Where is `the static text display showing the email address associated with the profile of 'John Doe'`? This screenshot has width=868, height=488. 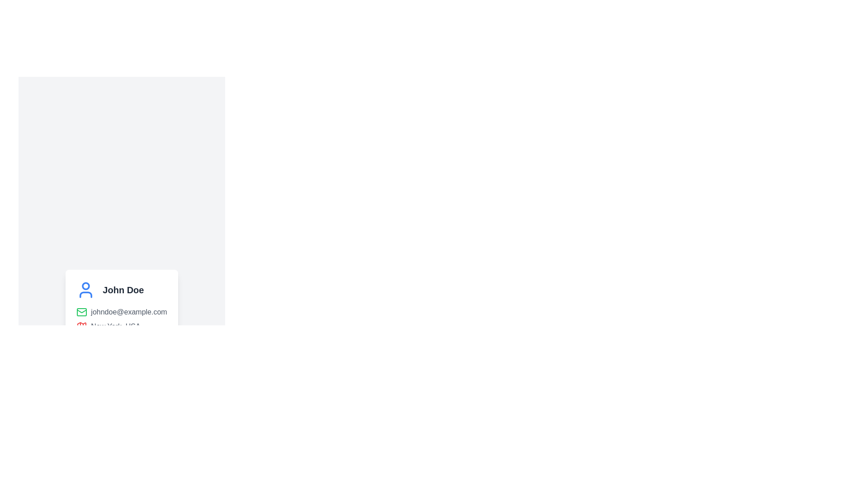
the static text display showing the email address associated with the profile of 'John Doe' is located at coordinates (128, 311).